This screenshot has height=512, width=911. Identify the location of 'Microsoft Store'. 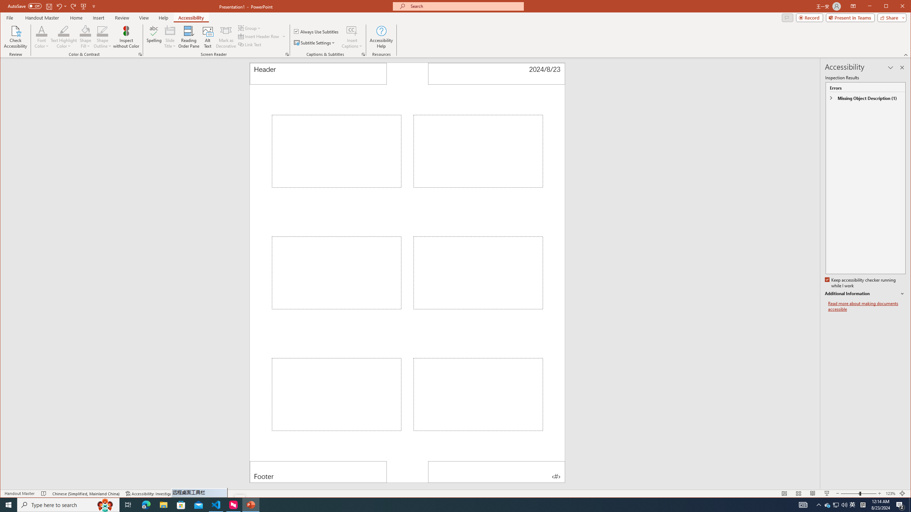
(181, 504).